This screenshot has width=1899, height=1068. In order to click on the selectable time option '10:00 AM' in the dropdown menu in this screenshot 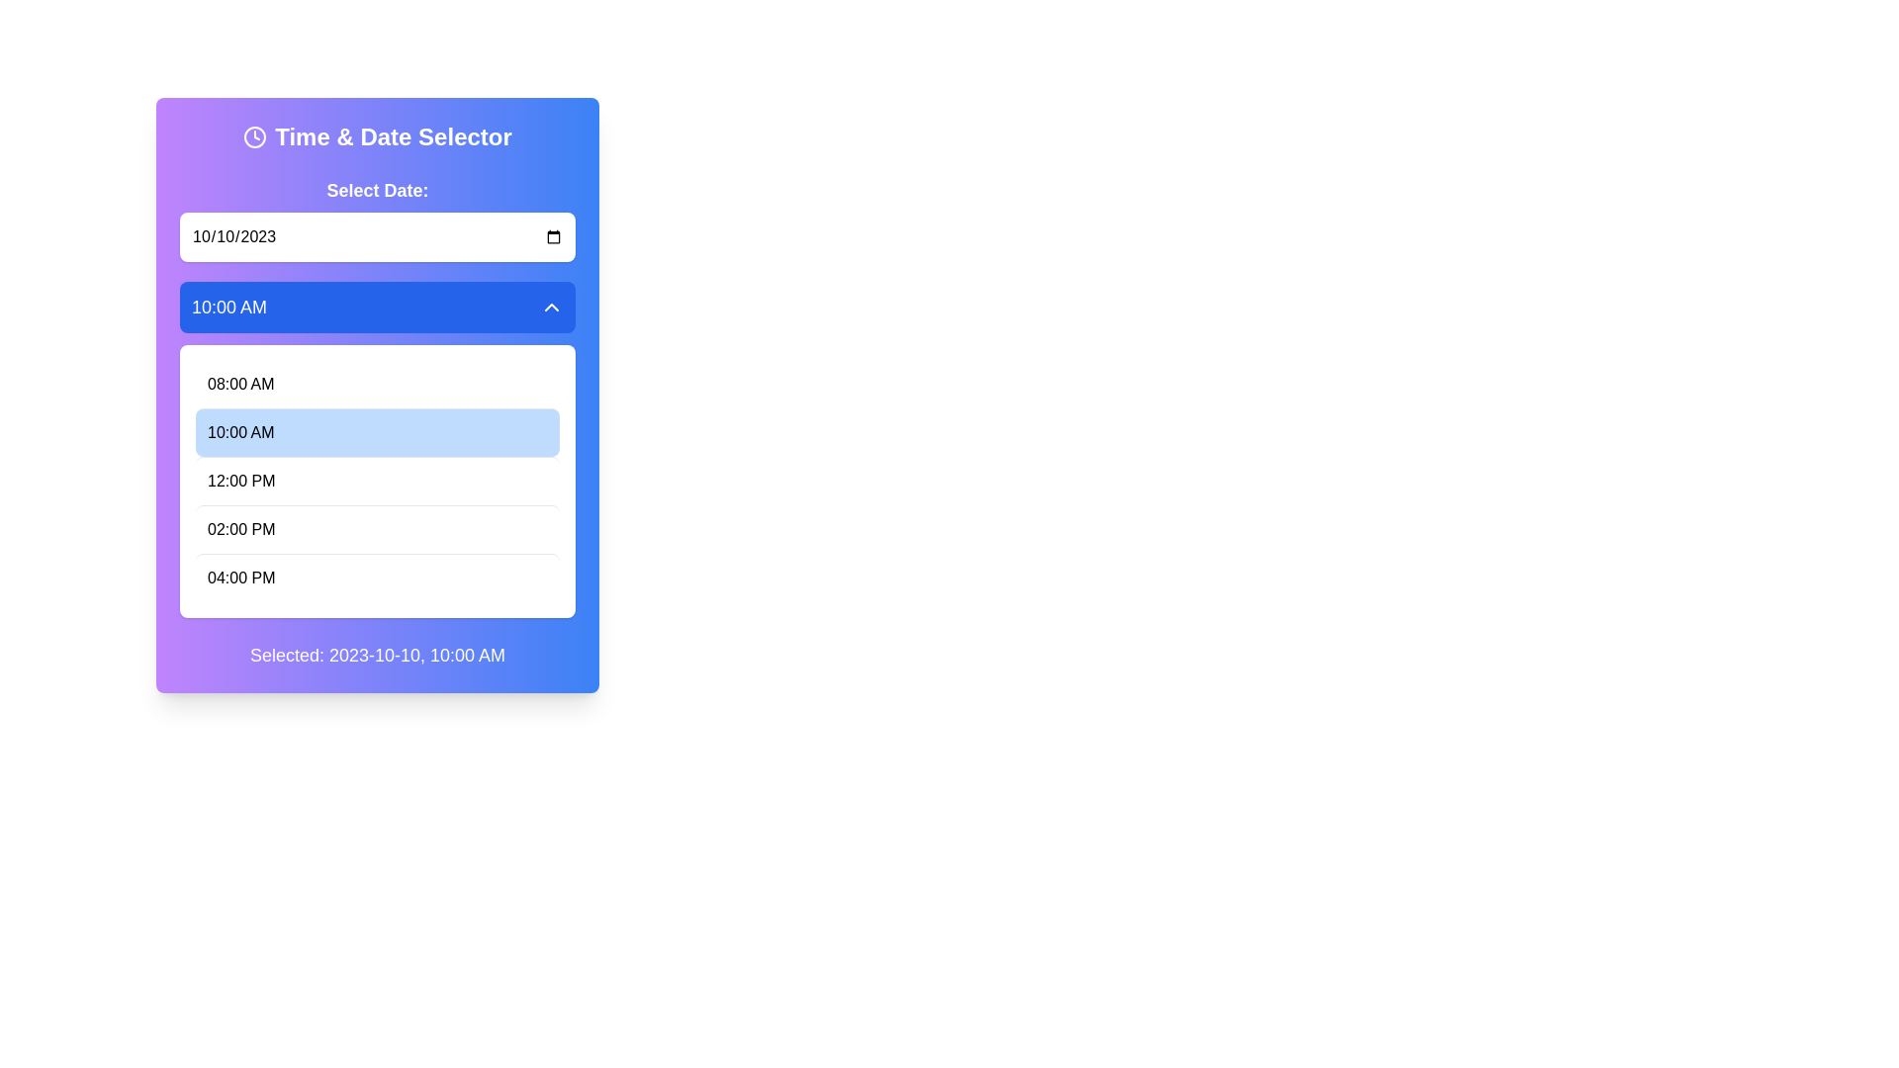, I will do `click(378, 431)`.